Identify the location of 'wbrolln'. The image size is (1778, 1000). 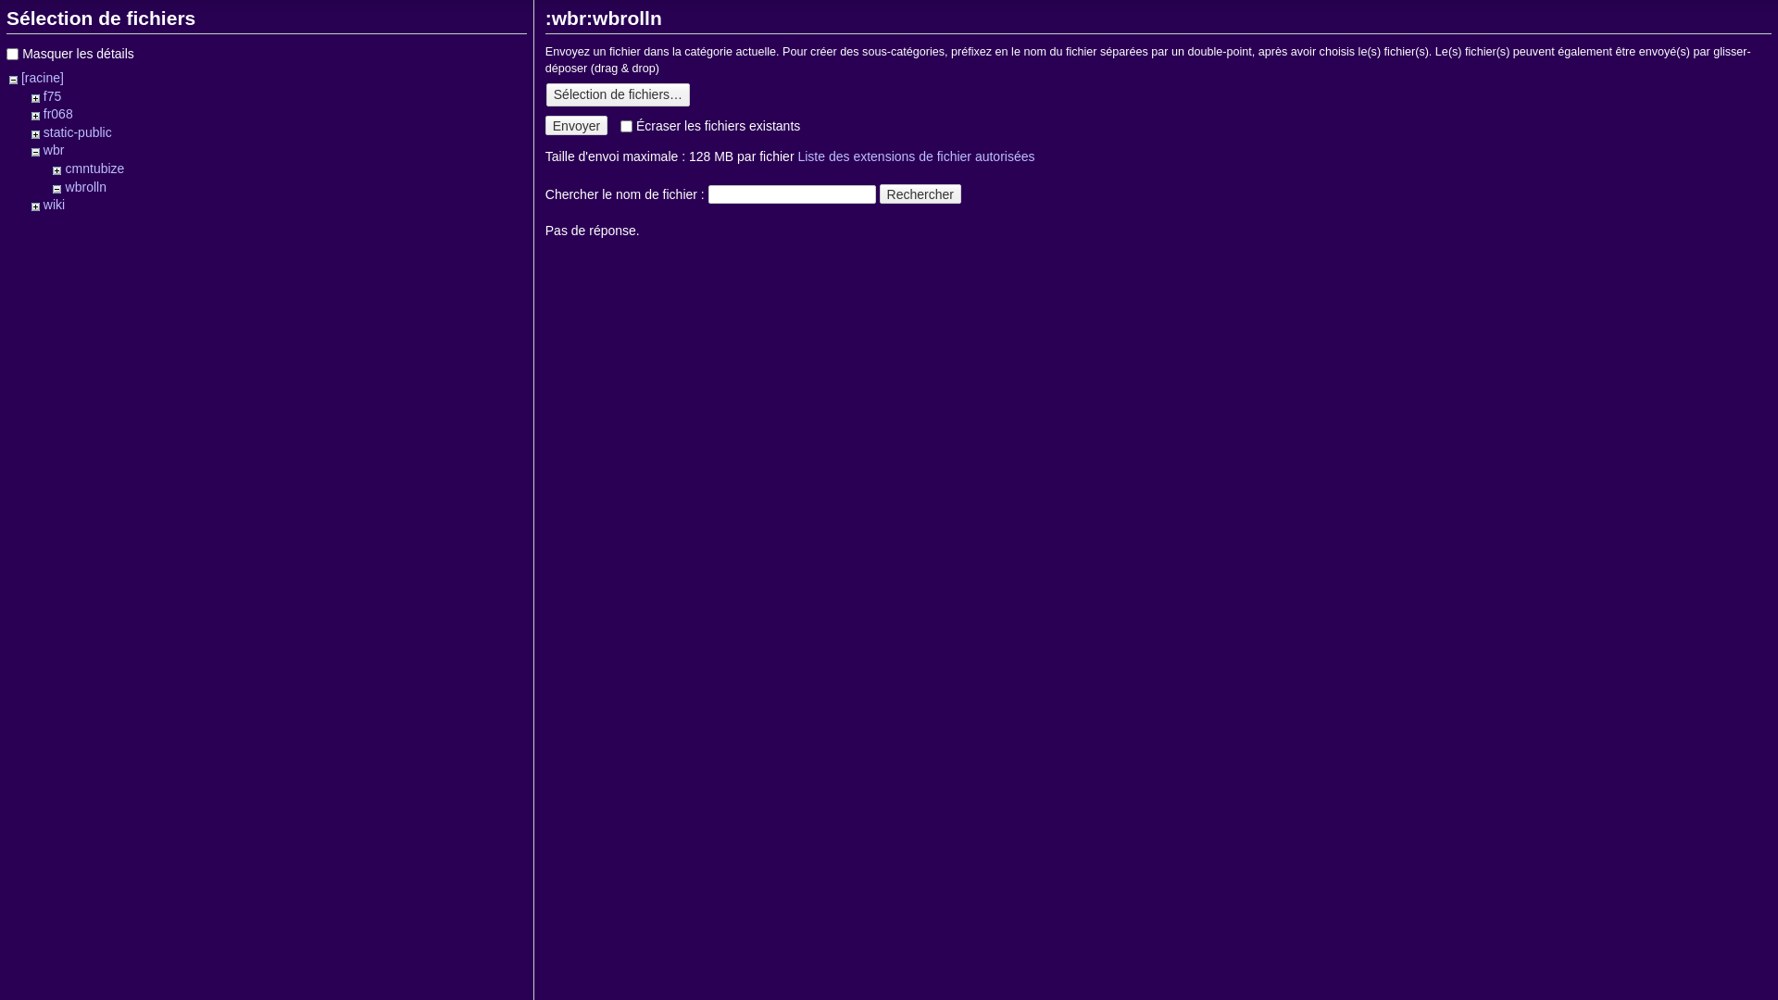
(84, 186).